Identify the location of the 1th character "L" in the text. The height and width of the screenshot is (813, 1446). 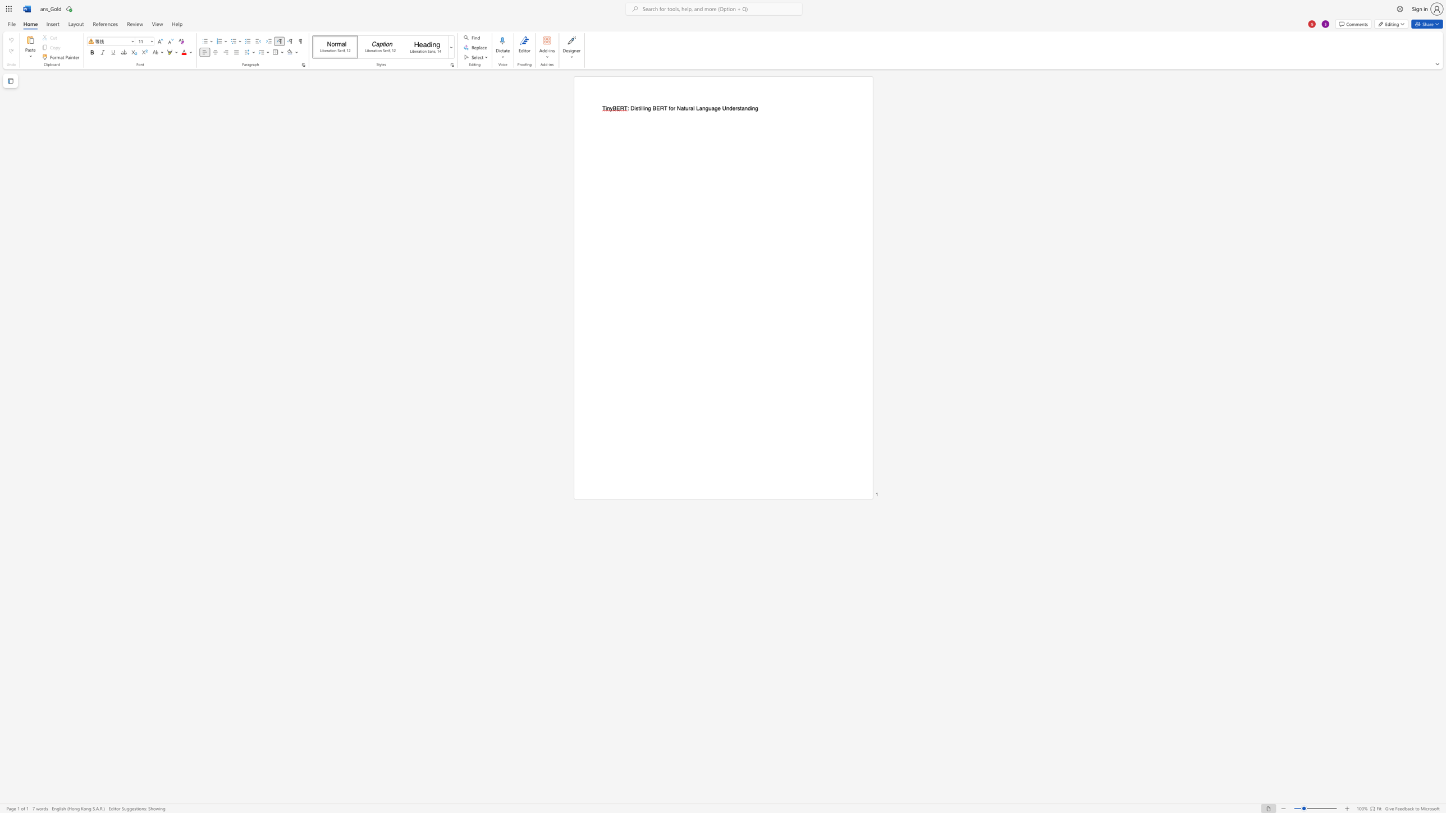
(697, 108).